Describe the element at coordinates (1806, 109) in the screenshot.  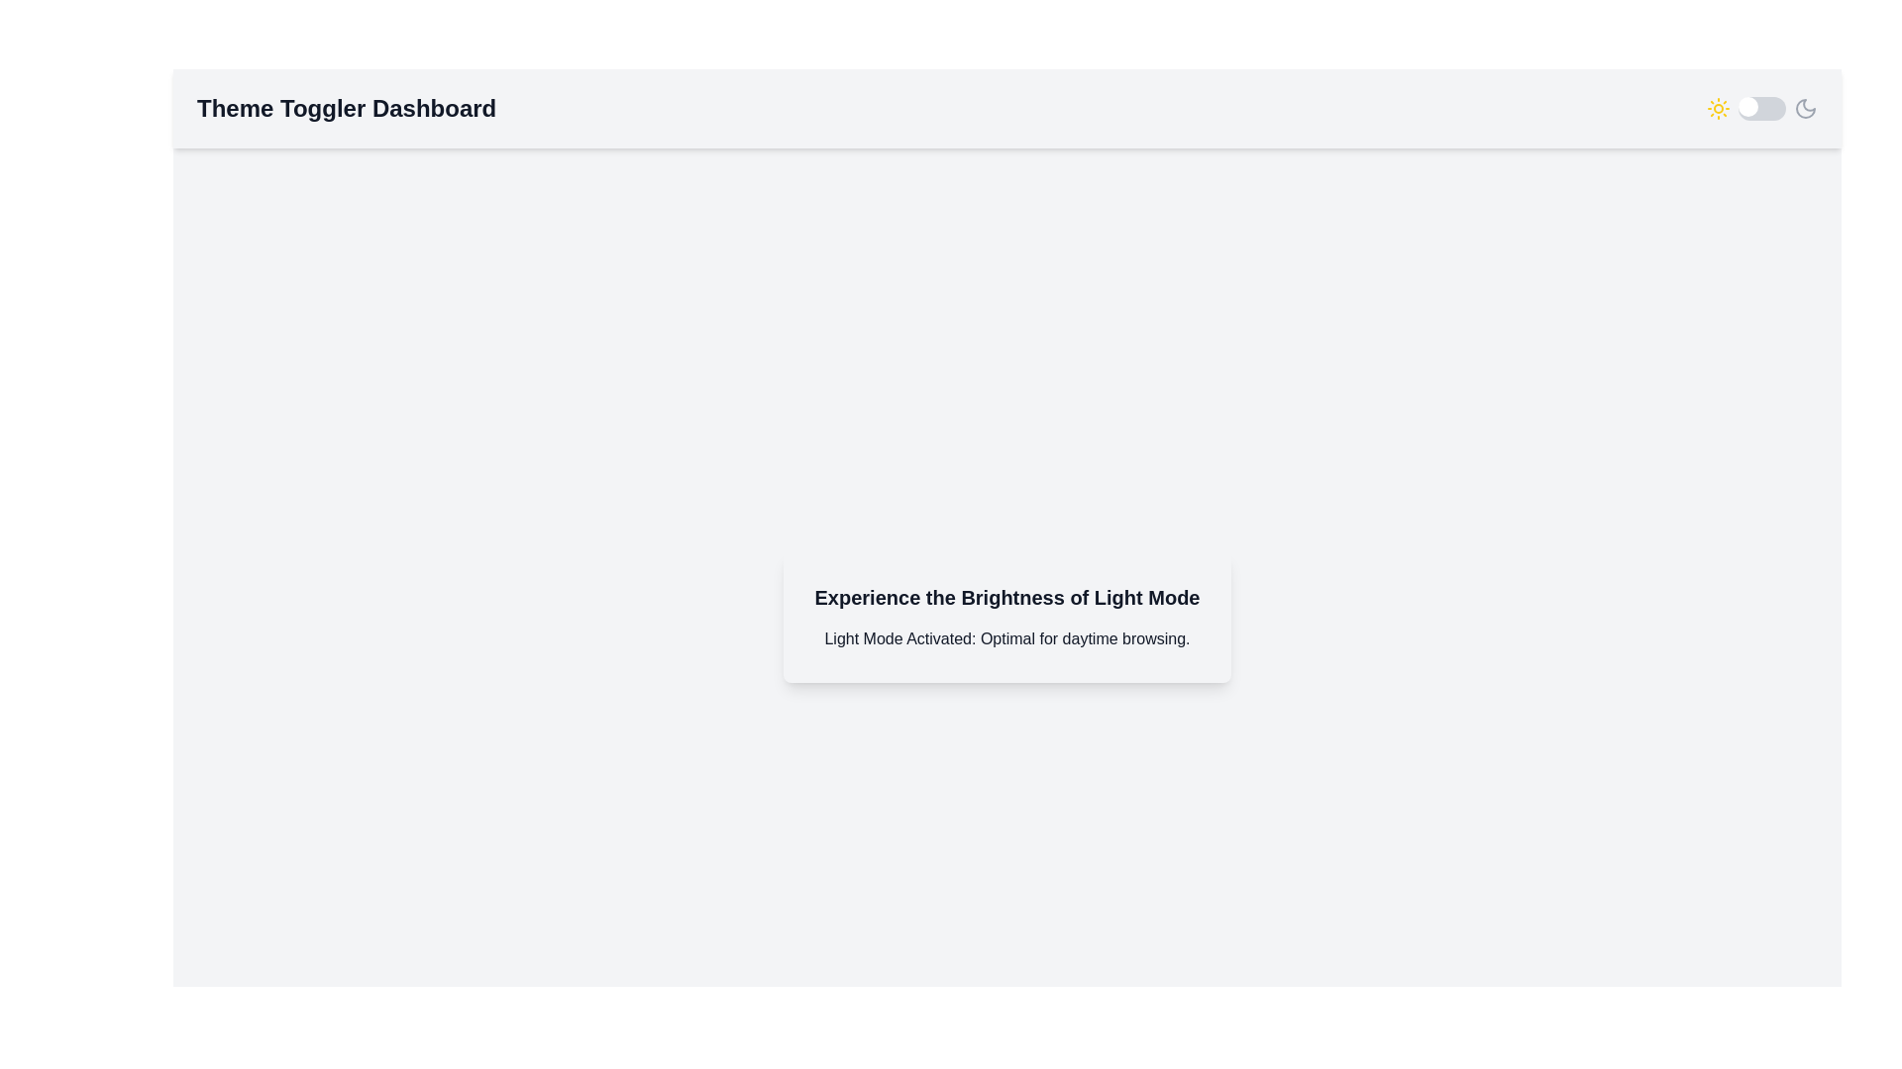
I see `the theme toggle icon located in the top-right corner of the interface, next to the toggle switch and sun icon` at that location.